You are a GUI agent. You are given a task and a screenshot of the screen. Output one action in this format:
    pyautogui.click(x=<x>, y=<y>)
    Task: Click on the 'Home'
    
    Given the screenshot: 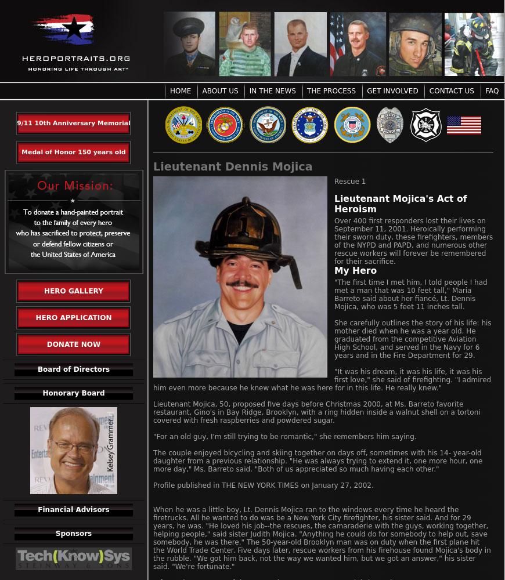 What is the action you would take?
    pyautogui.click(x=170, y=91)
    